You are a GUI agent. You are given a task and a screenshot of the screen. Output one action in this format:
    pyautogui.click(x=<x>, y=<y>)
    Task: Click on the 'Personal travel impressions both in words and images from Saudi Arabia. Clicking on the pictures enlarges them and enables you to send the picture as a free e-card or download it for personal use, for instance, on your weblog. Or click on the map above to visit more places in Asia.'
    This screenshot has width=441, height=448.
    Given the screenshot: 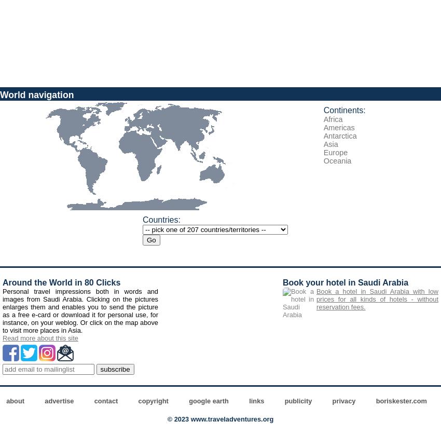 What is the action you would take?
    pyautogui.click(x=2, y=311)
    